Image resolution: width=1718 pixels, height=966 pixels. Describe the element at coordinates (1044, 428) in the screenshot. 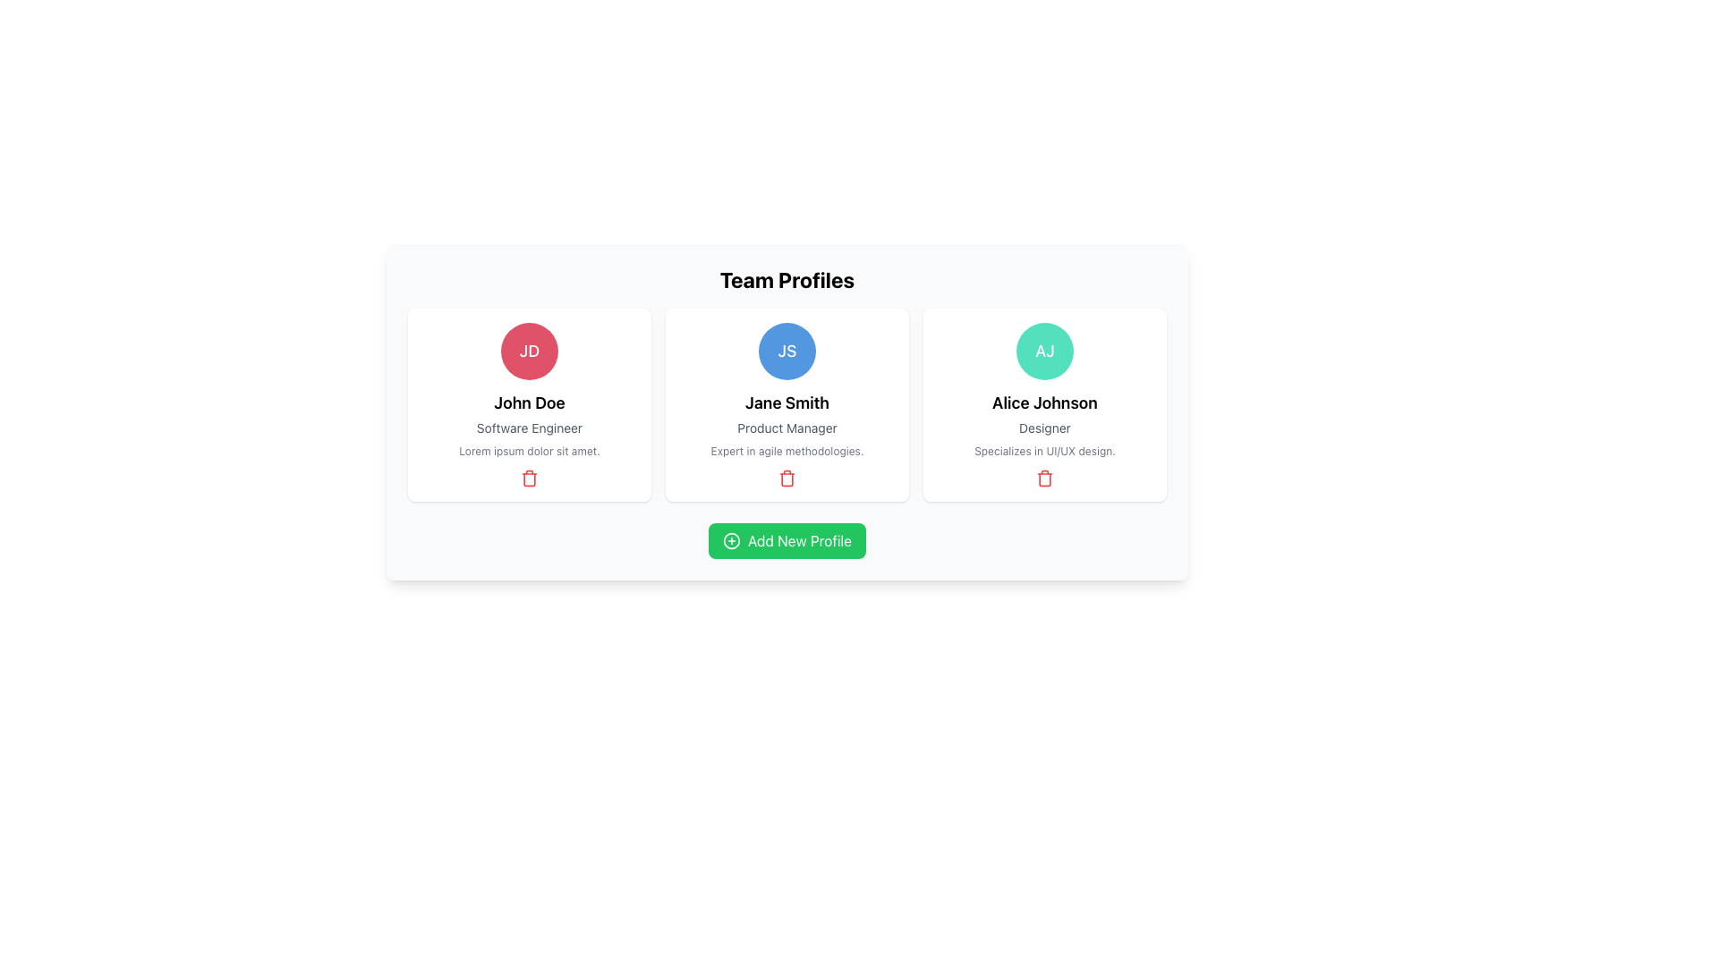

I see `the text label displaying 'Designer' located below the name 'Alice Johnson' in the profile card` at that location.